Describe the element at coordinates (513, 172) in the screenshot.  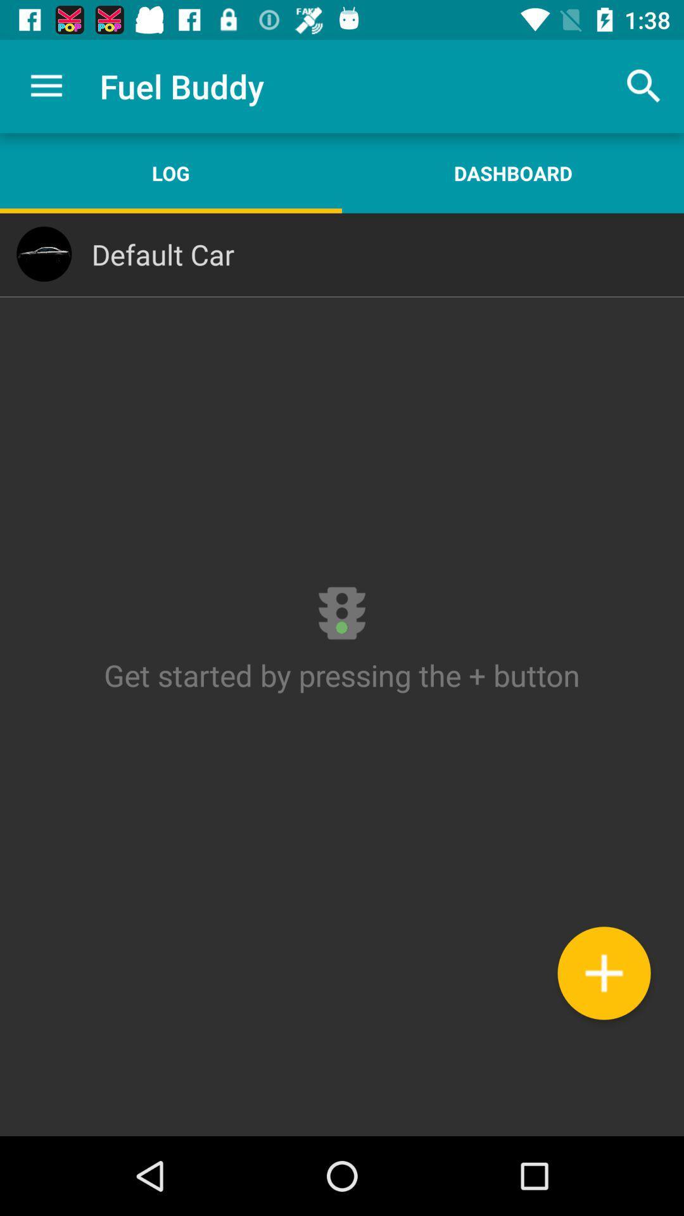
I see `the icon to the right of the log app` at that location.